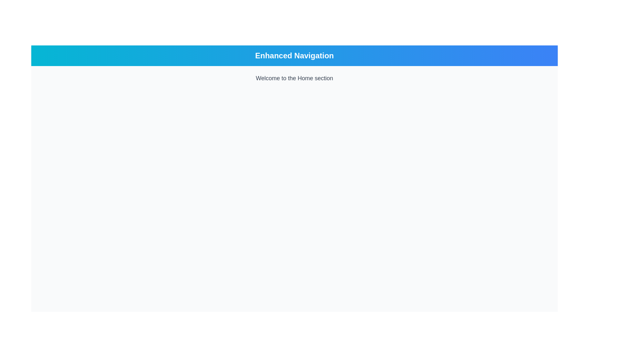 This screenshot has height=348, width=619. Describe the element at coordinates (294, 78) in the screenshot. I see `the welcoming Text Label that displays the current section or page, located below the blue header bar labeled 'Enhanced Navigation'` at that location.